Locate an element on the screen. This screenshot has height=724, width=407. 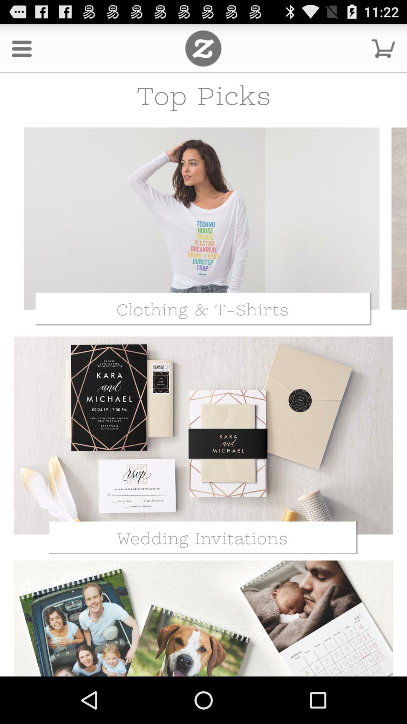
the second image is located at coordinates (203, 445).